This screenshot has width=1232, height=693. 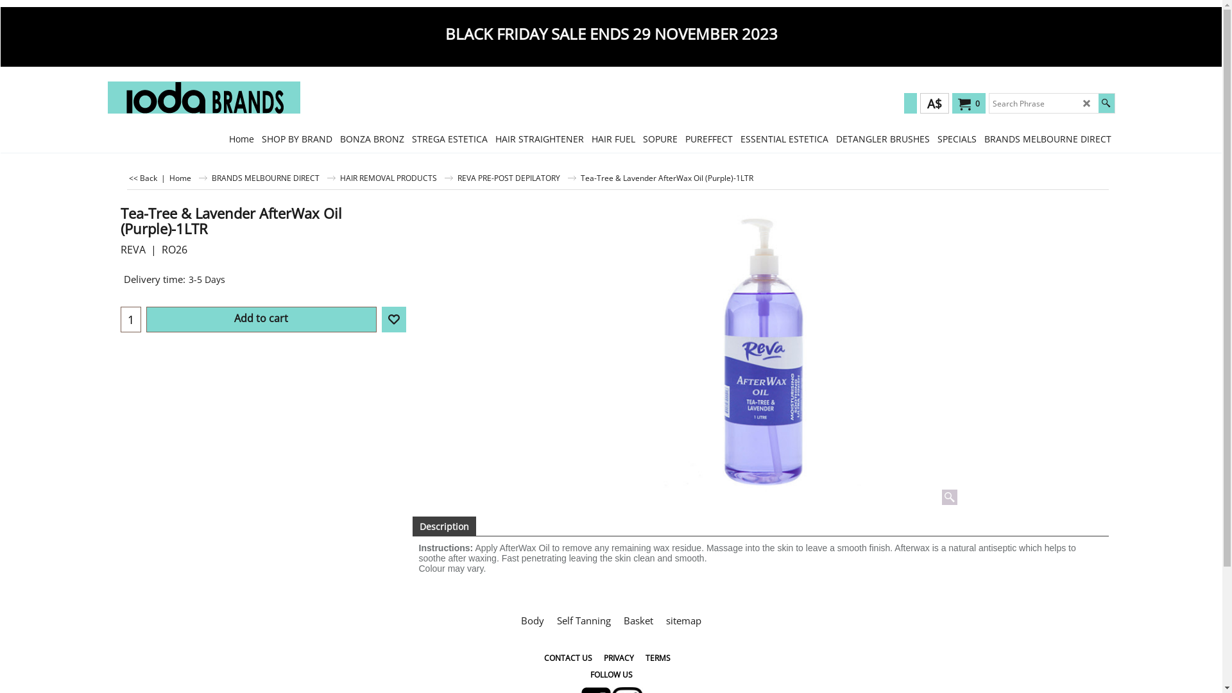 I want to click on 'Description', so click(x=444, y=526).